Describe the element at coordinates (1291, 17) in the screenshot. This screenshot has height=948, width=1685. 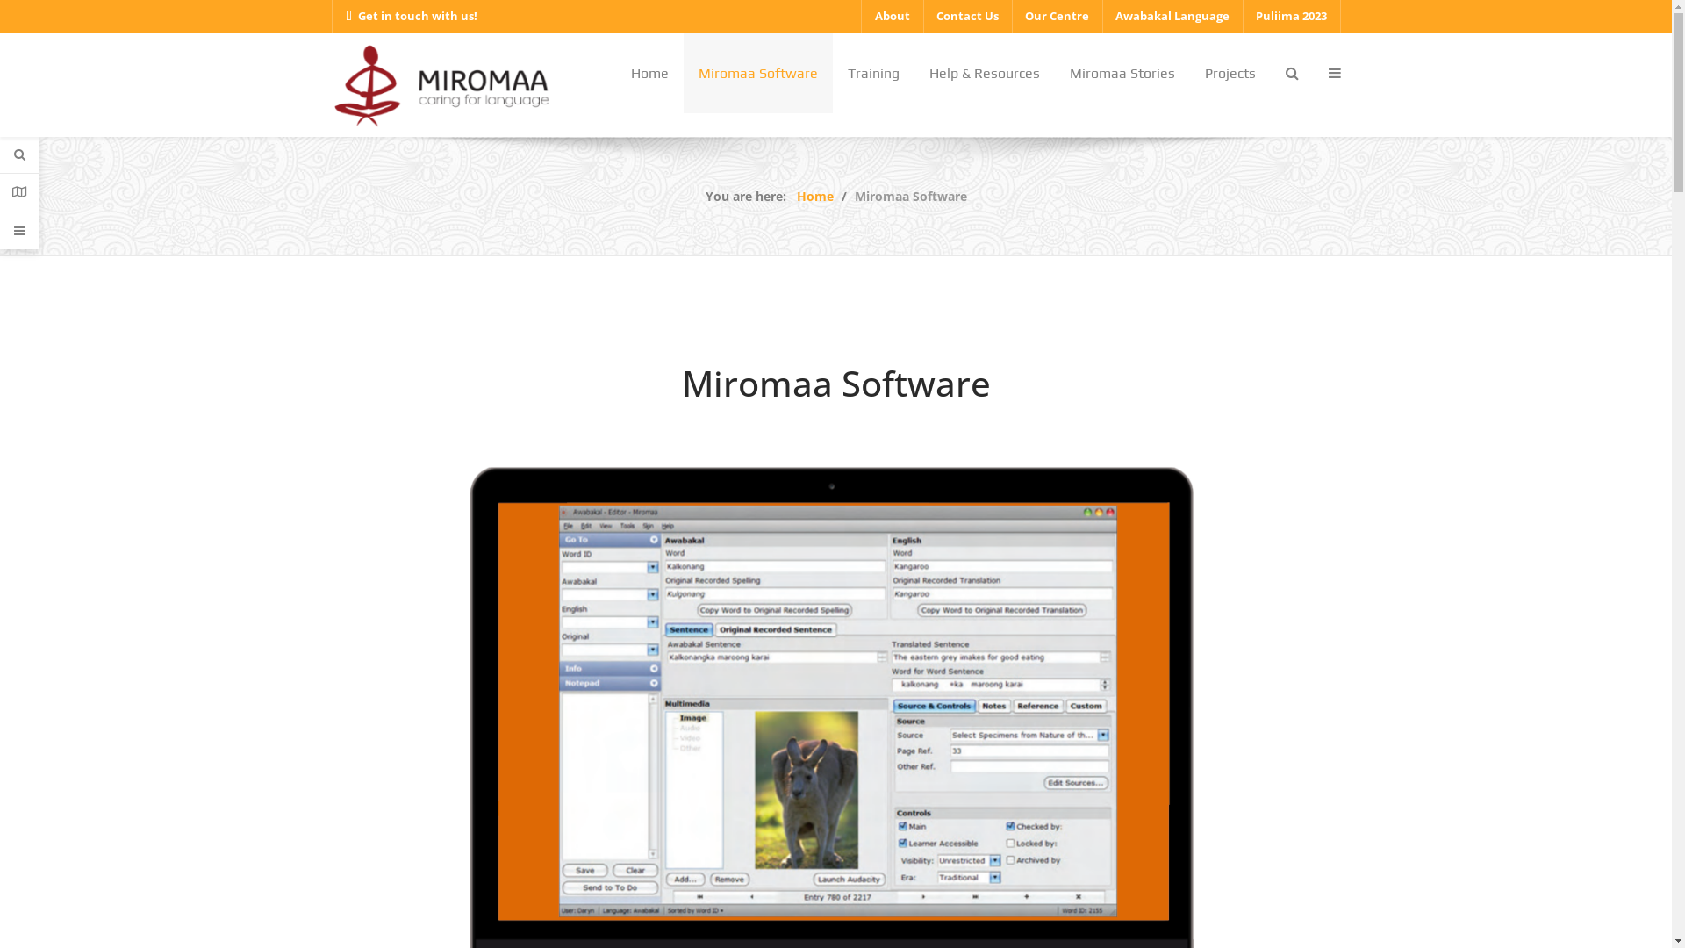
I see `'Puliima 2023'` at that location.